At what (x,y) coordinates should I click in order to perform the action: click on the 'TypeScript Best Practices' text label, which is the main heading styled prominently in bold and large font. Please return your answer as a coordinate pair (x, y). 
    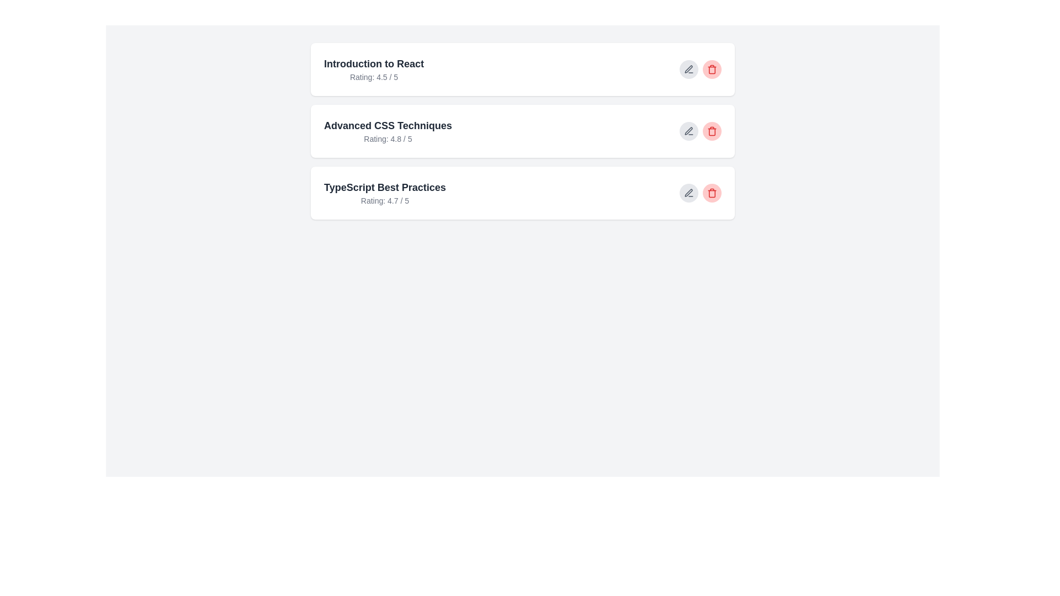
    Looking at the image, I should click on (385, 187).